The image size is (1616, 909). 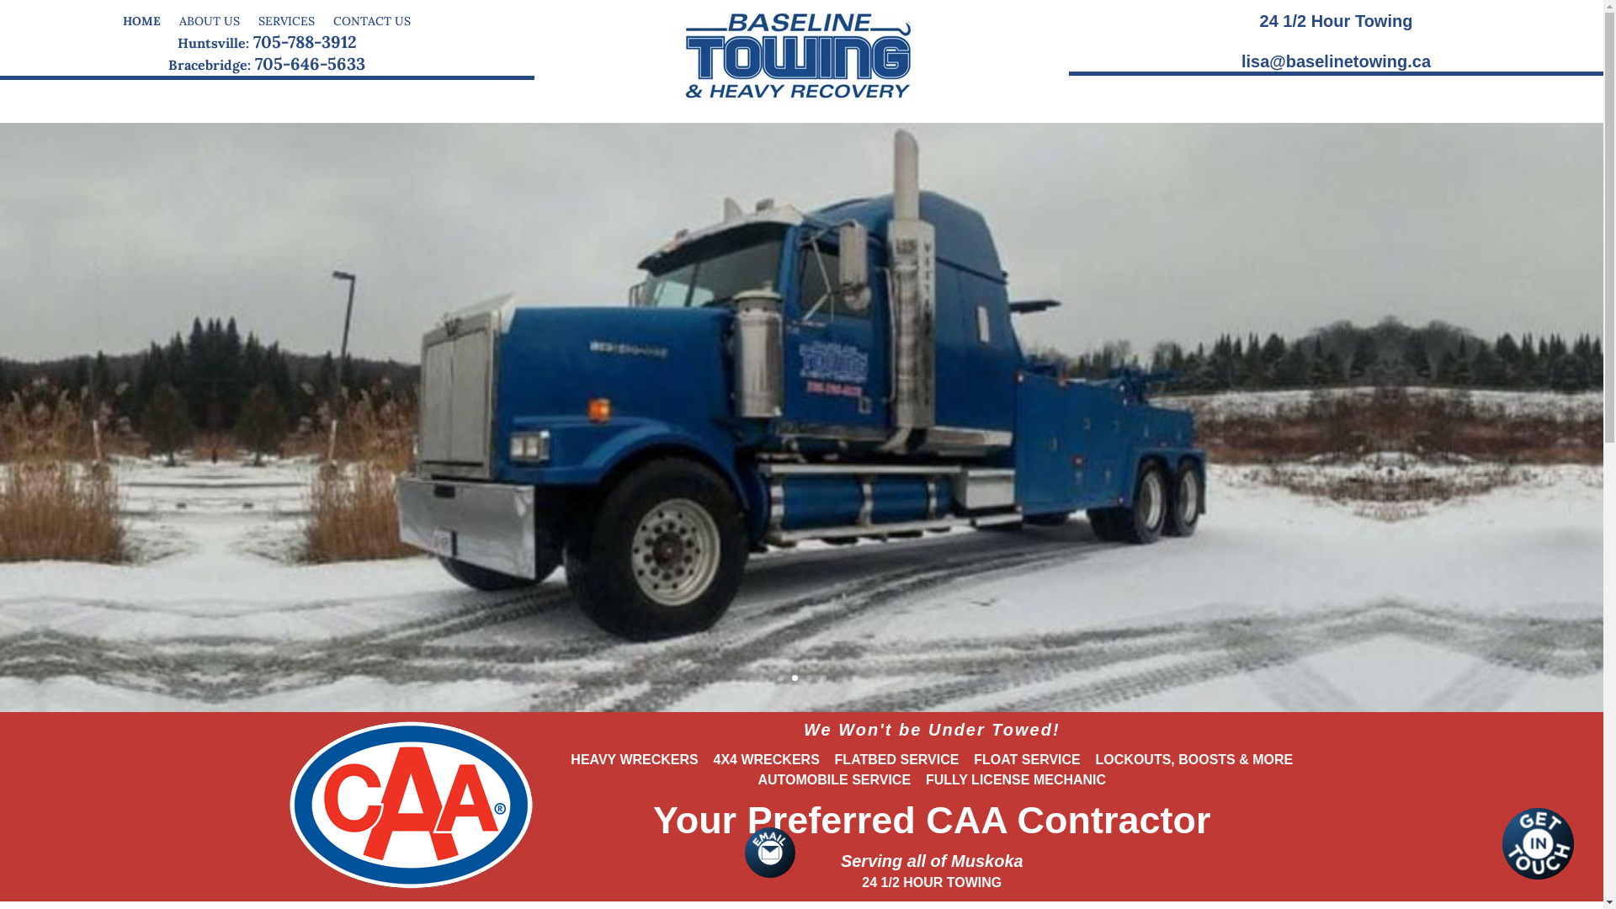 I want to click on 'lisa@baselinetowing.ca', so click(x=1335, y=61).